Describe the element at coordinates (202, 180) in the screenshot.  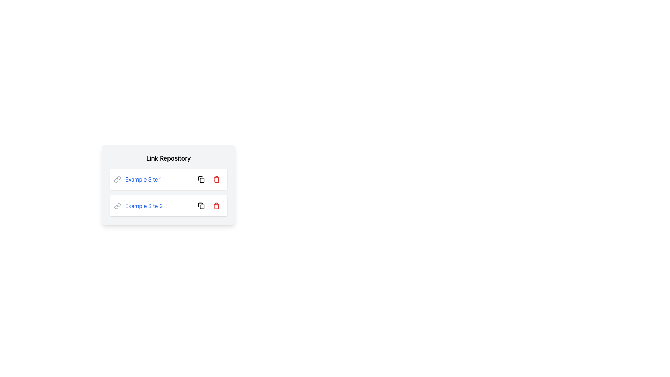
I see `the decorative SVG icon element located next to the 'Example Site 1' list entry under the 'Link Repository' header` at that location.